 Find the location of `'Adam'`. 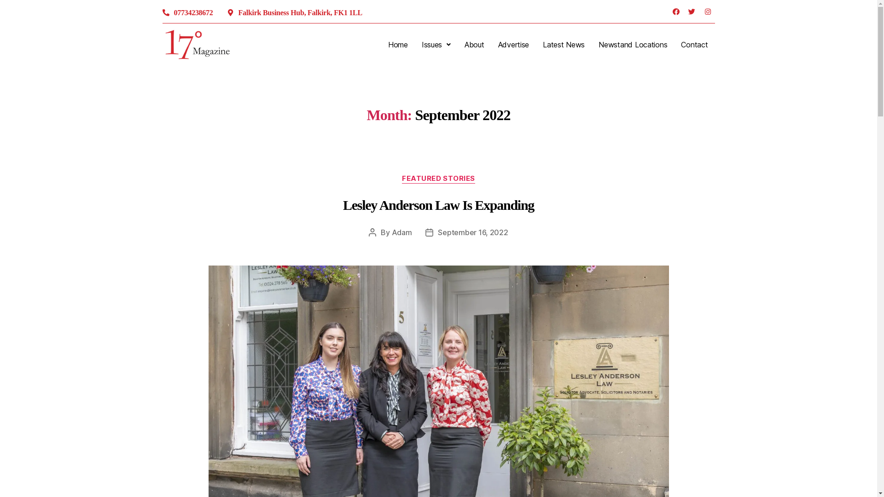

'Adam' is located at coordinates (402, 232).